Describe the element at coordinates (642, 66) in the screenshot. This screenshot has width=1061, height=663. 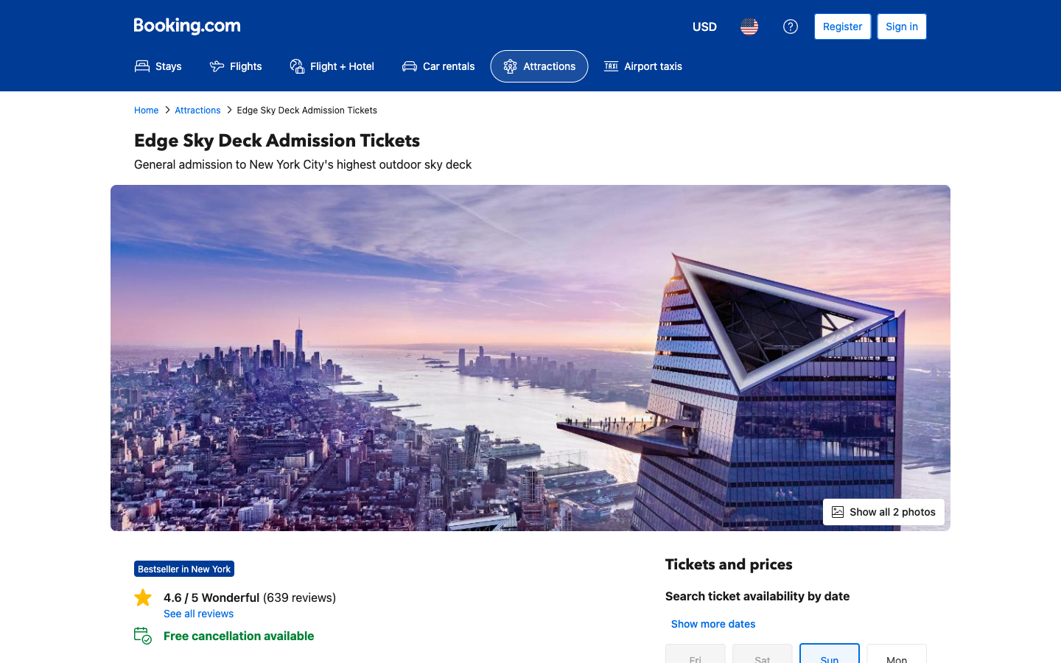
I see `Look for airport cab services` at that location.